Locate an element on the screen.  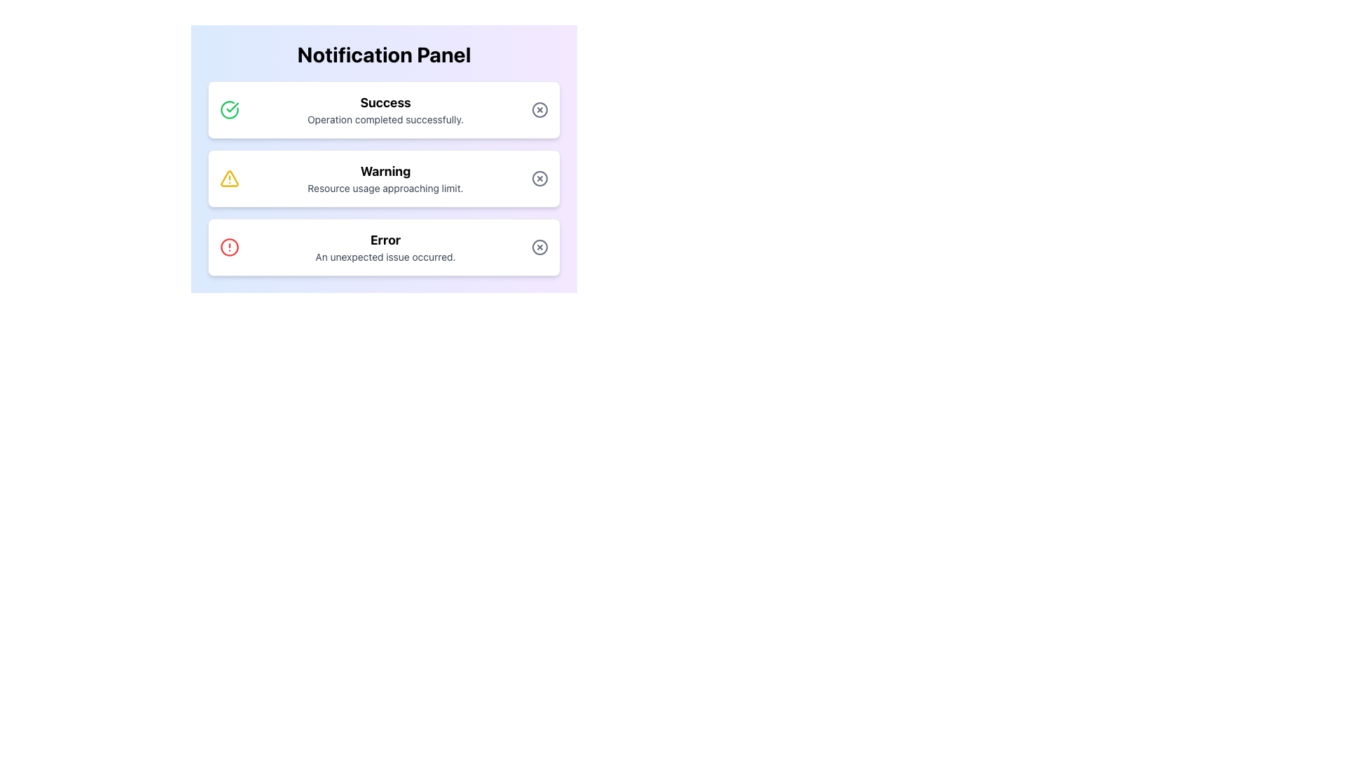
the graphical circle element representing the close button in the 'Success' notification entry to potentially display a tooltip is located at coordinates (539, 109).